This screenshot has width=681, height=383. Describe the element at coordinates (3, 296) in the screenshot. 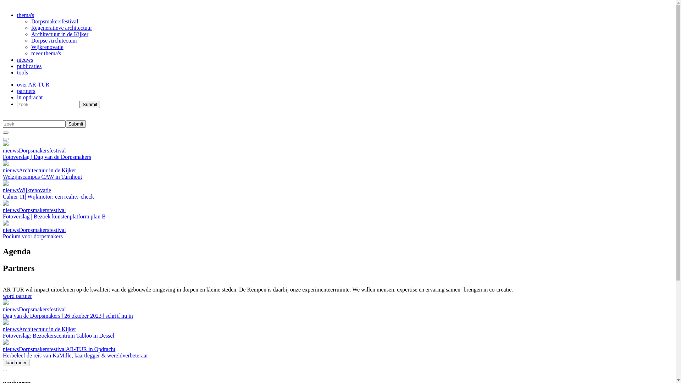

I see `'word partner'` at that location.